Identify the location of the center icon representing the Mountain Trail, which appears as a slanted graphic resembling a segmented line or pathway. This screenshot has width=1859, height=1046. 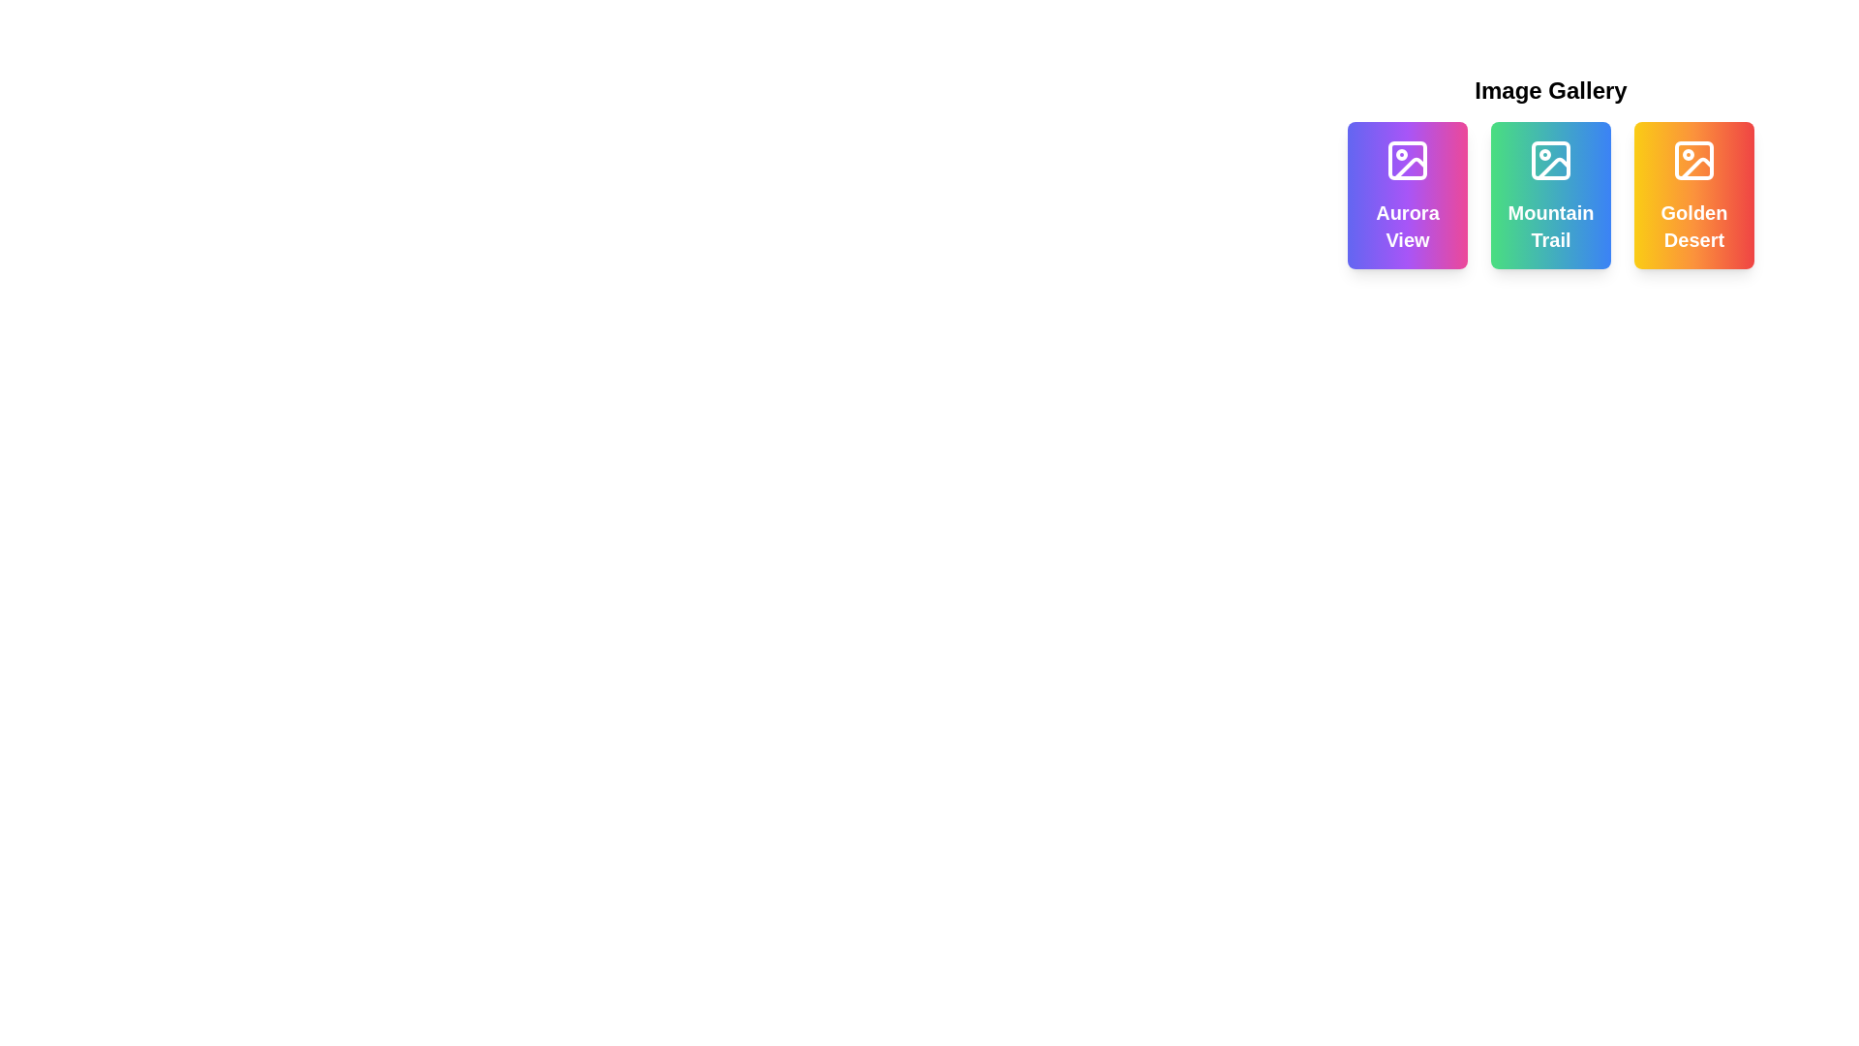
(1553, 167).